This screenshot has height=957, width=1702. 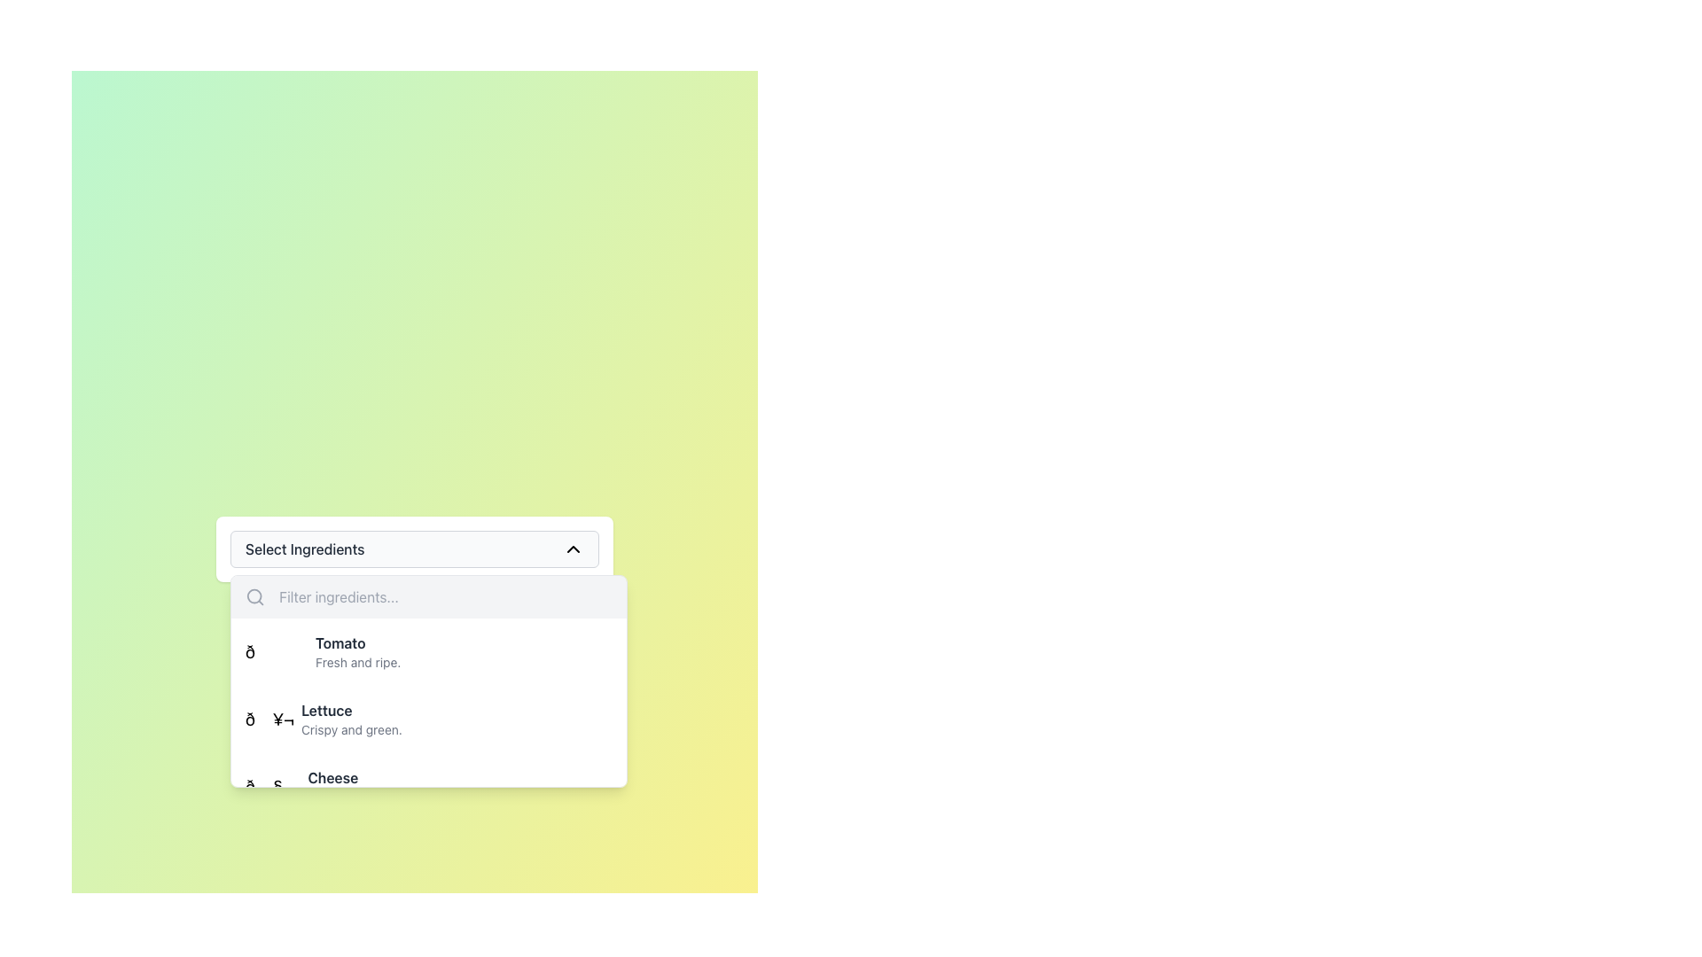 I want to click on the 'Tomato' text label, which serves as the title for an ingredient item within the dropdown list, so click(x=357, y=642).